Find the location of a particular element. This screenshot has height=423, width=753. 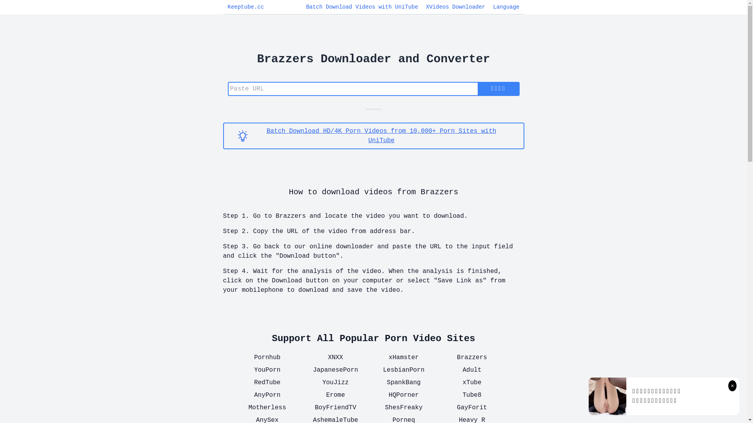

'ShesFreaky' is located at coordinates (403, 407).